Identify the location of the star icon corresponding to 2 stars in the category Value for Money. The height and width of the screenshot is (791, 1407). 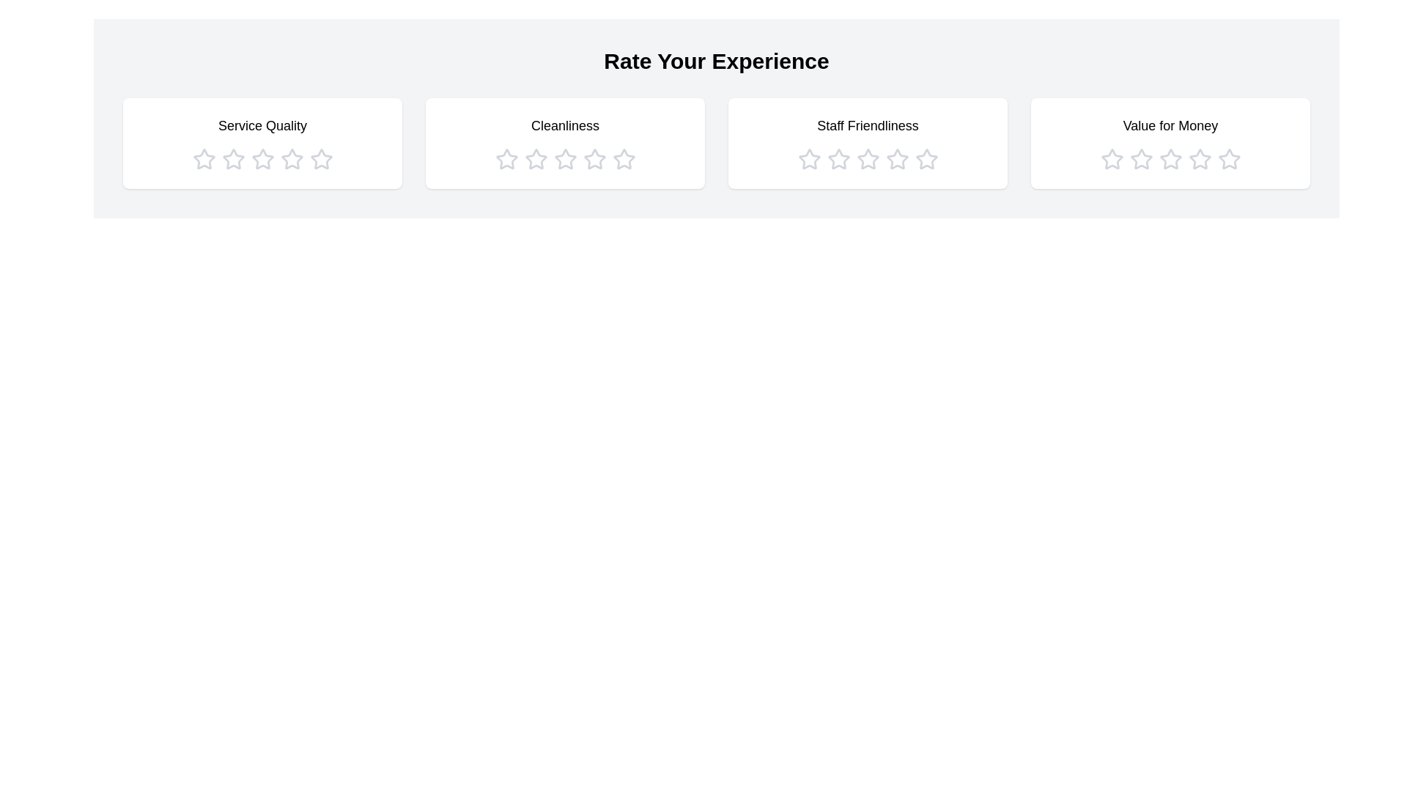
(1140, 160).